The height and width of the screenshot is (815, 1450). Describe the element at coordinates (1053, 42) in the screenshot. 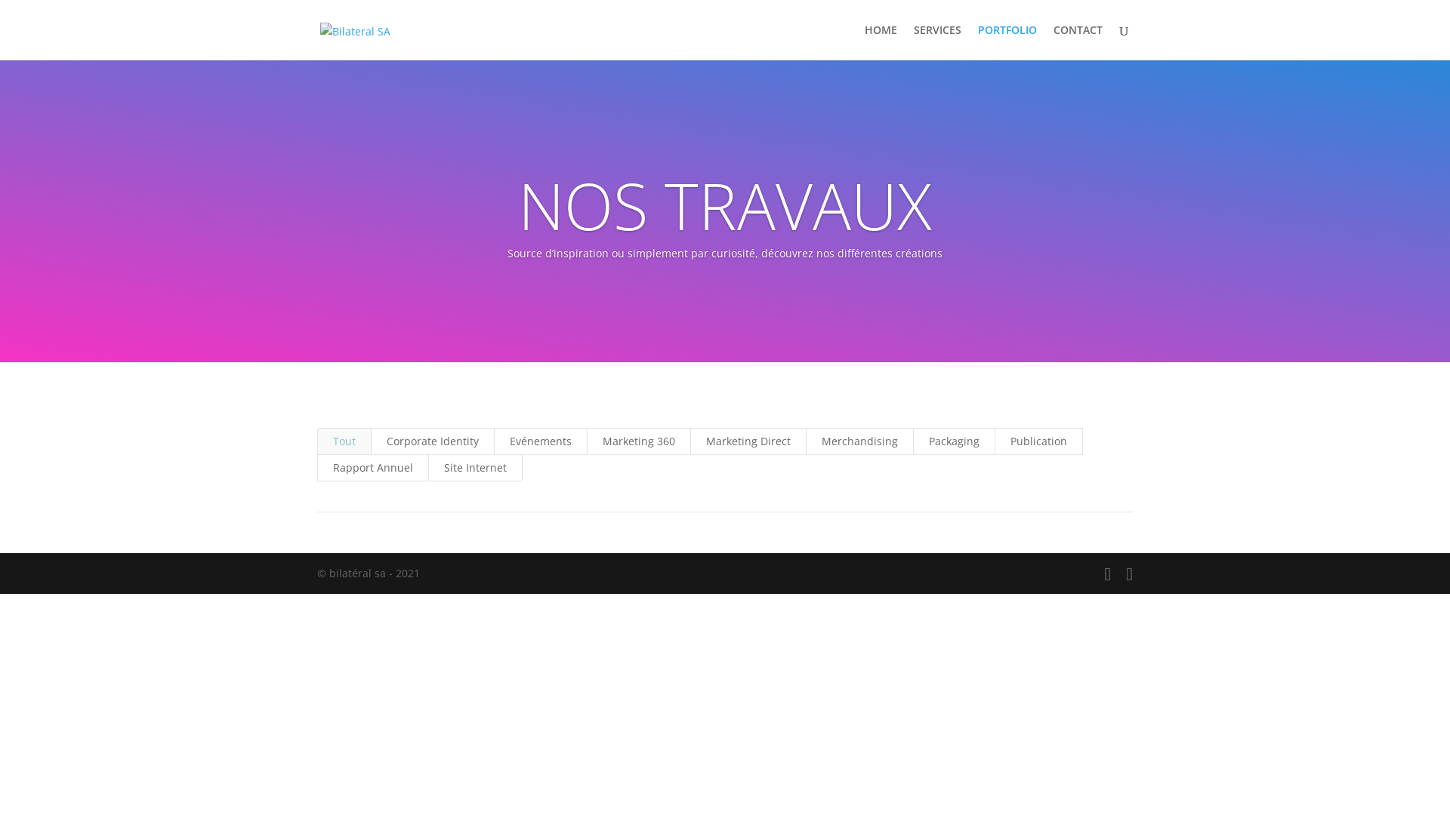

I see `'CONTACT'` at that location.